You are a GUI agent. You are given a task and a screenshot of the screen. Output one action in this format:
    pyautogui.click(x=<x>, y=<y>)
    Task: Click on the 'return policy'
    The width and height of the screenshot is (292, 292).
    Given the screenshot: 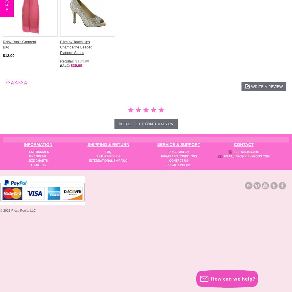 What is the action you would take?
    pyautogui.click(x=108, y=156)
    